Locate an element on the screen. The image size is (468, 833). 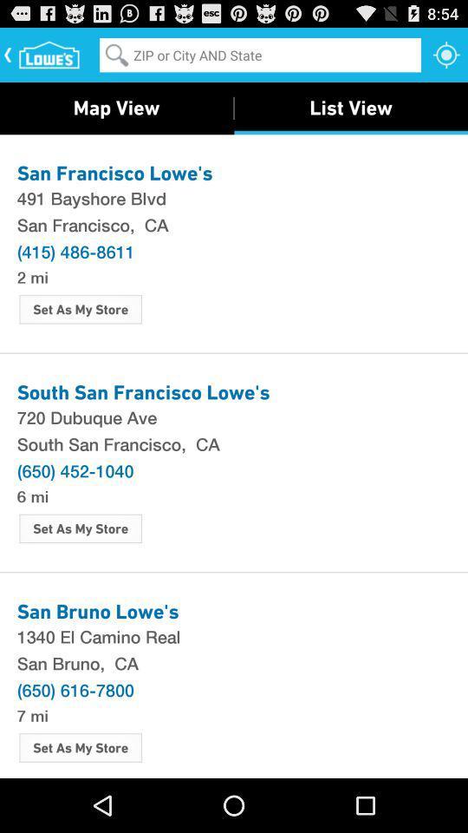
720 dubuque ave is located at coordinates (234, 416).